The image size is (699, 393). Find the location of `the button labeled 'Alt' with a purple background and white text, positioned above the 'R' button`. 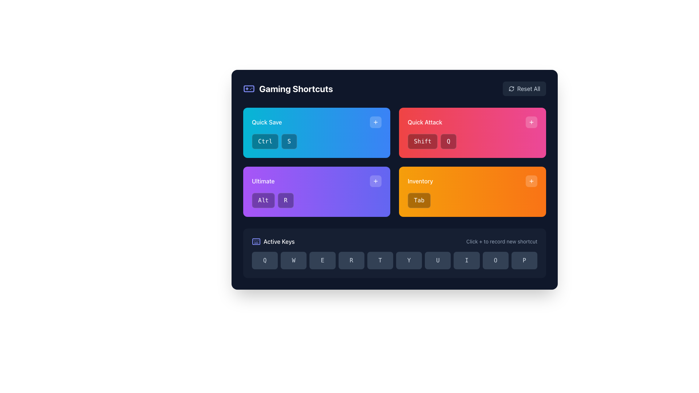

the button labeled 'Alt' with a purple background and white text, positioned above the 'R' button is located at coordinates (263, 201).